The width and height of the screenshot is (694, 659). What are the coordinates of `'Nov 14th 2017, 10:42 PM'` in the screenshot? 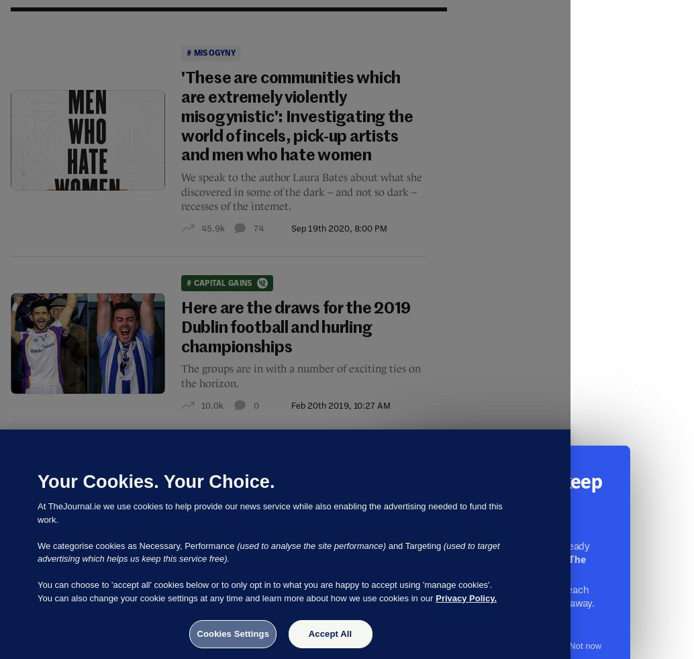 It's located at (339, 596).